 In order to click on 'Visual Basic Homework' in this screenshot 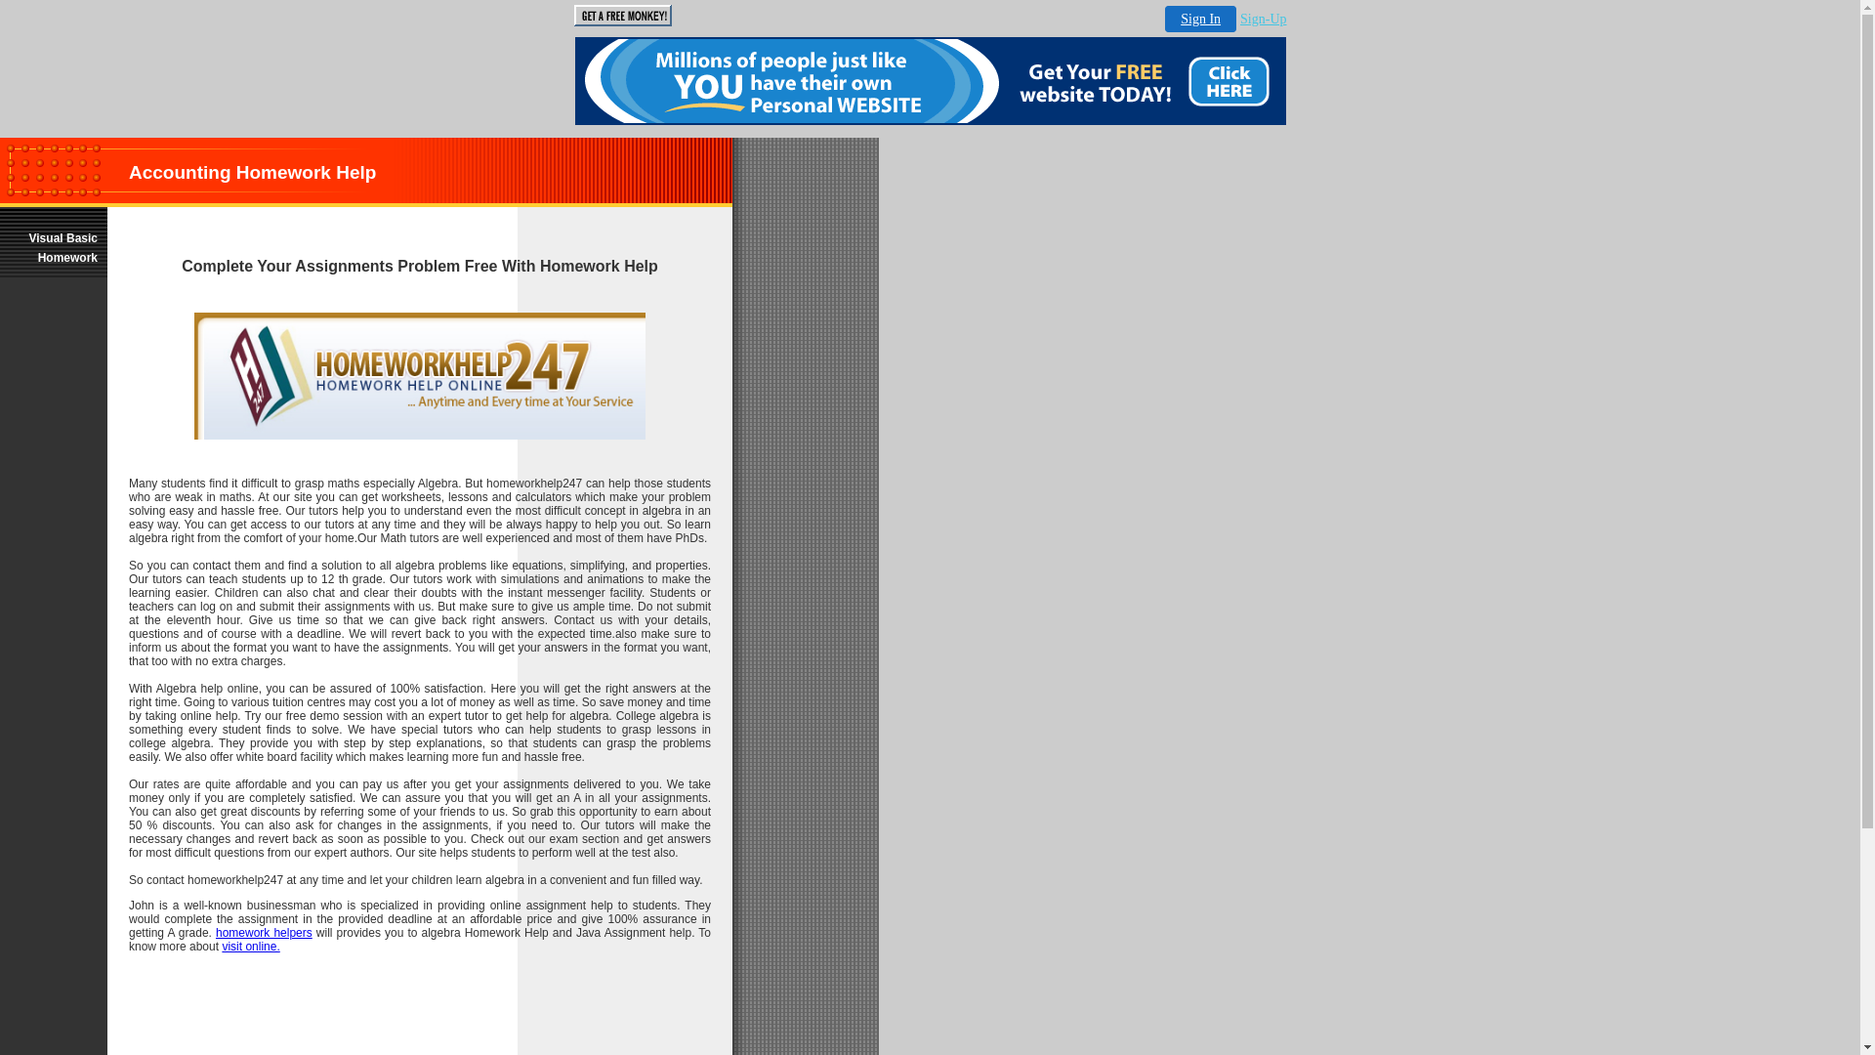, I will do `click(53, 247)`.